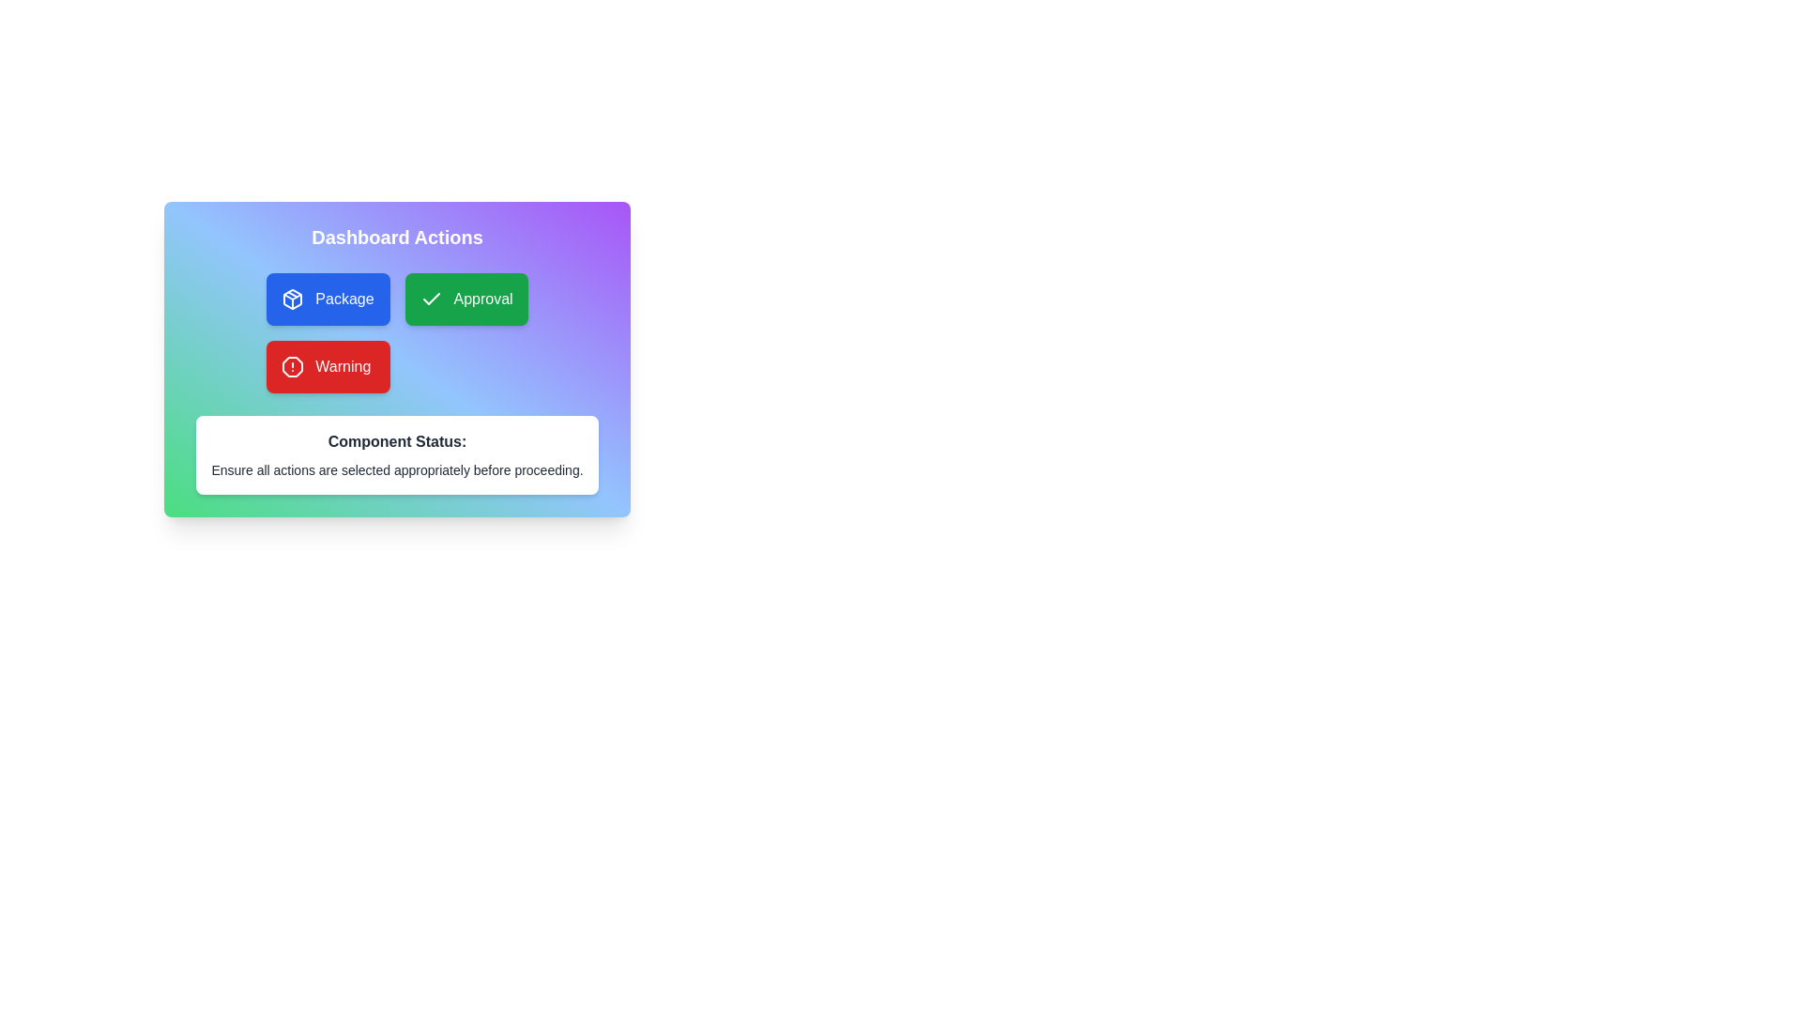 This screenshot has height=1014, width=1802. Describe the element at coordinates (430, 299) in the screenshot. I see `the checkmark icon within the green 'Approval' button located in the 'Dashboard Actions' section` at that location.